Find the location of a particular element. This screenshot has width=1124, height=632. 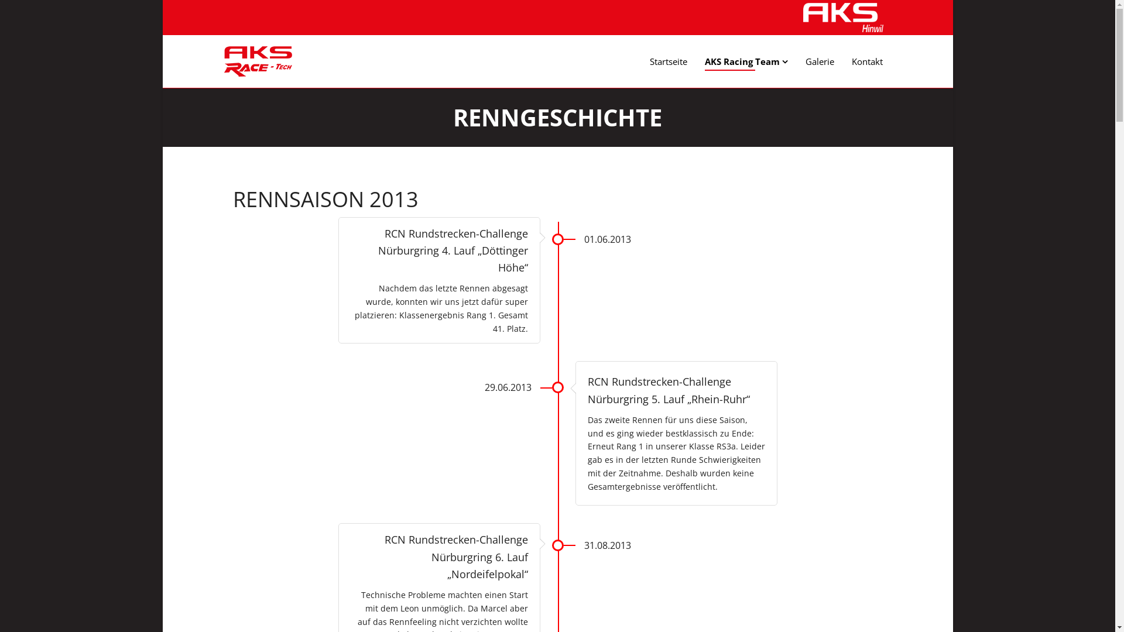

'Galerie' is located at coordinates (818, 61).